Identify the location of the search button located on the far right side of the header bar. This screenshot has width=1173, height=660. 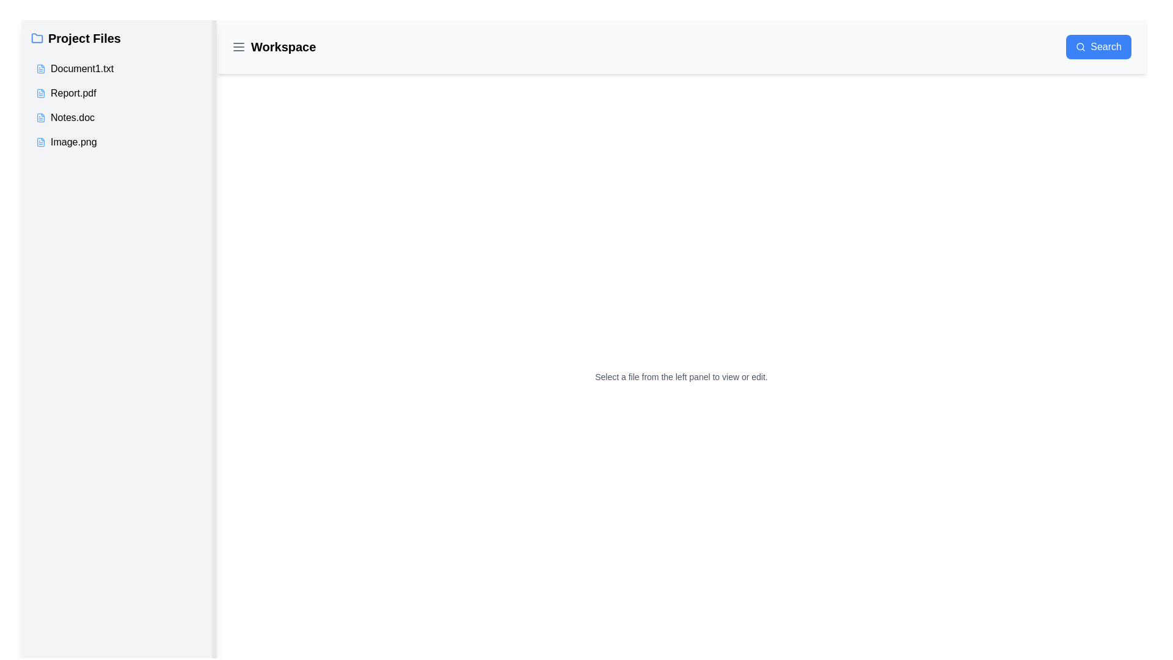
(1098, 46).